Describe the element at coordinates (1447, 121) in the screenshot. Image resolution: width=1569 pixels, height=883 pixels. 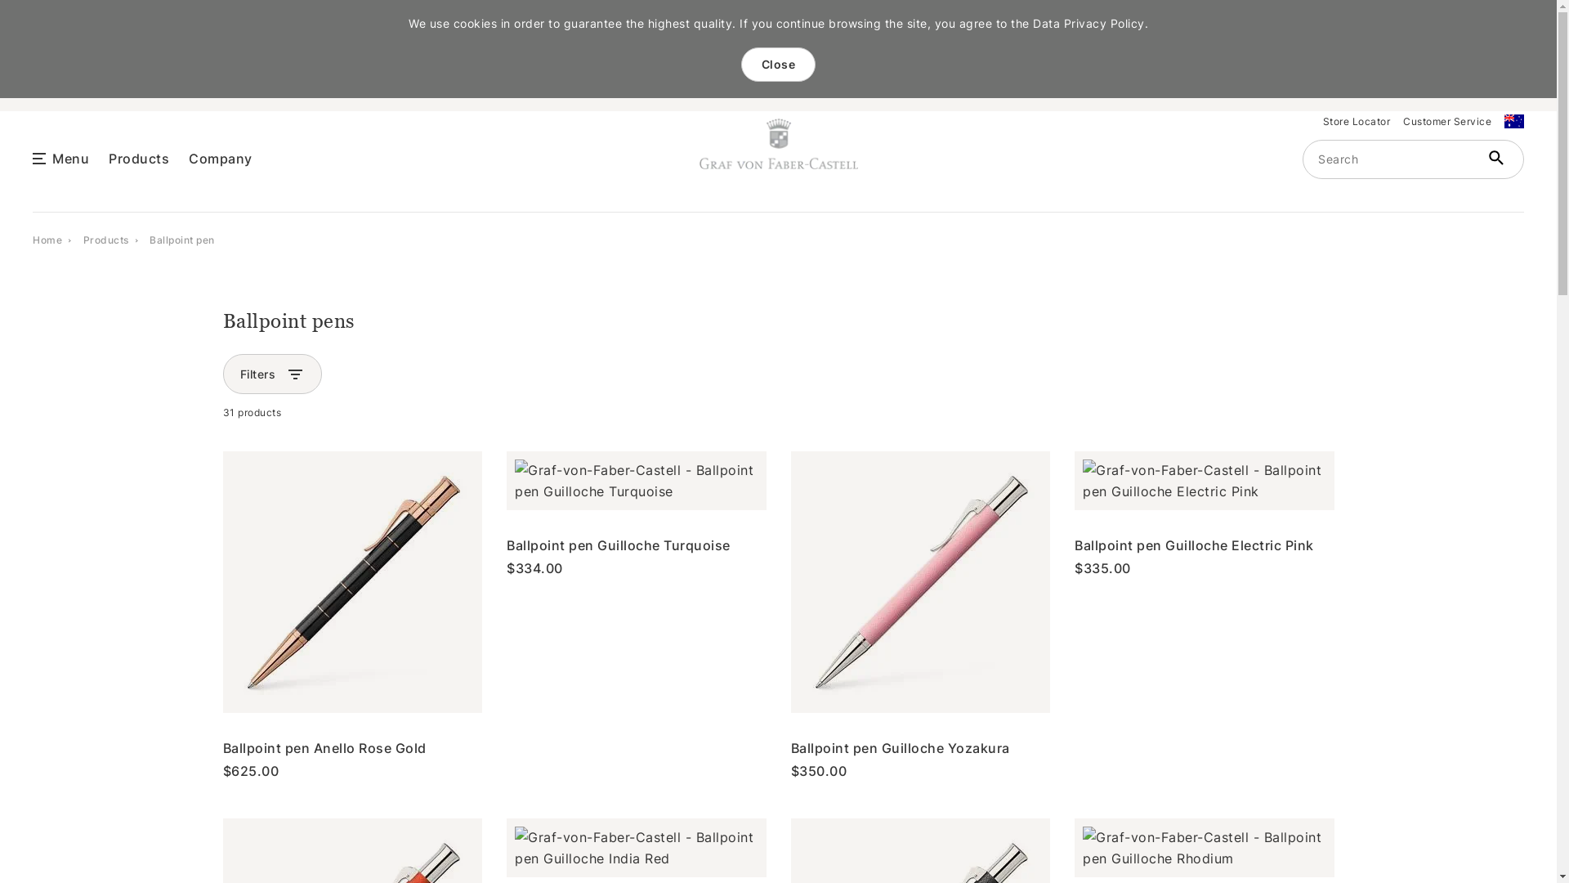
I see `'Customer Service'` at that location.